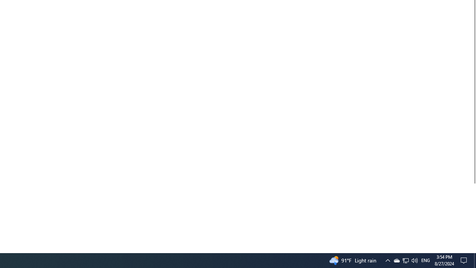 The width and height of the screenshot is (476, 268). I want to click on 'User Promoted Notification Area', so click(405, 260).